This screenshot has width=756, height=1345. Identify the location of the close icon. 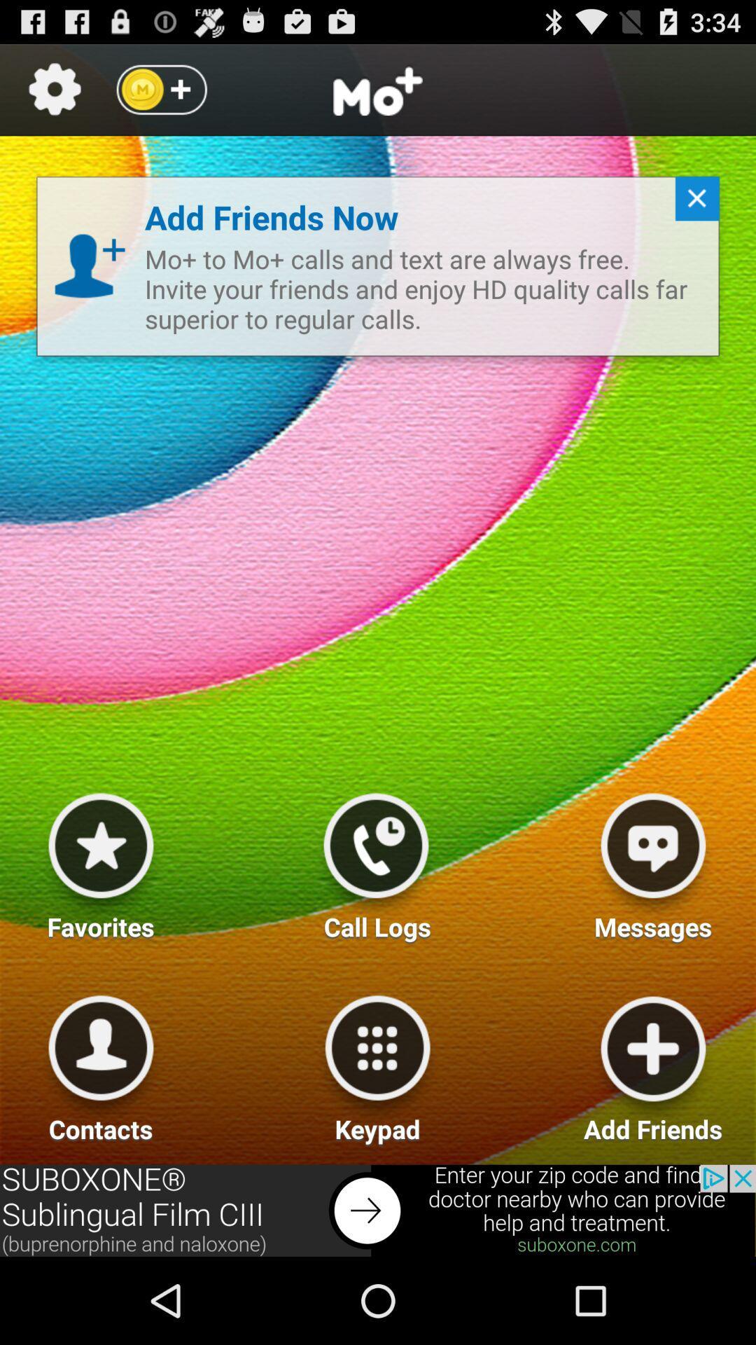
(691, 219).